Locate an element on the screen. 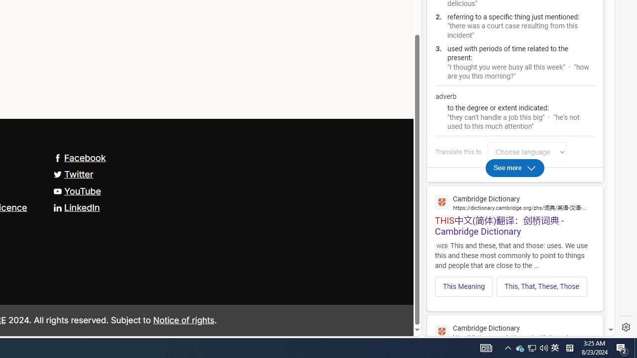 The image size is (637, 358). 'Facebook' is located at coordinates (79, 157).